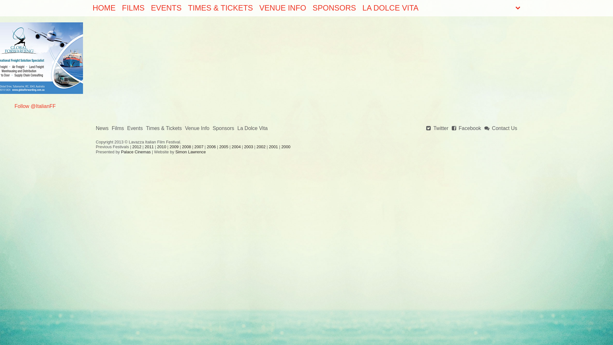 The image size is (613, 345). I want to click on 'Simon Lawrence', so click(190, 152).